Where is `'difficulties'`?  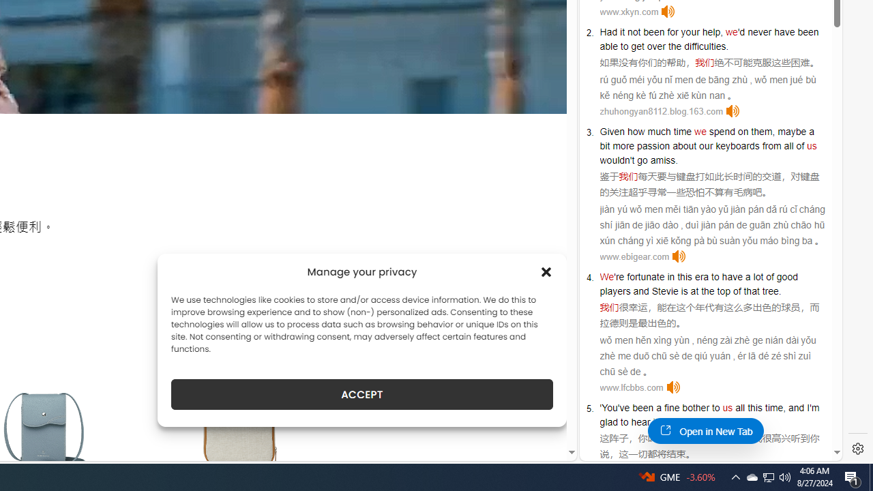 'difficulties' is located at coordinates (705, 46).